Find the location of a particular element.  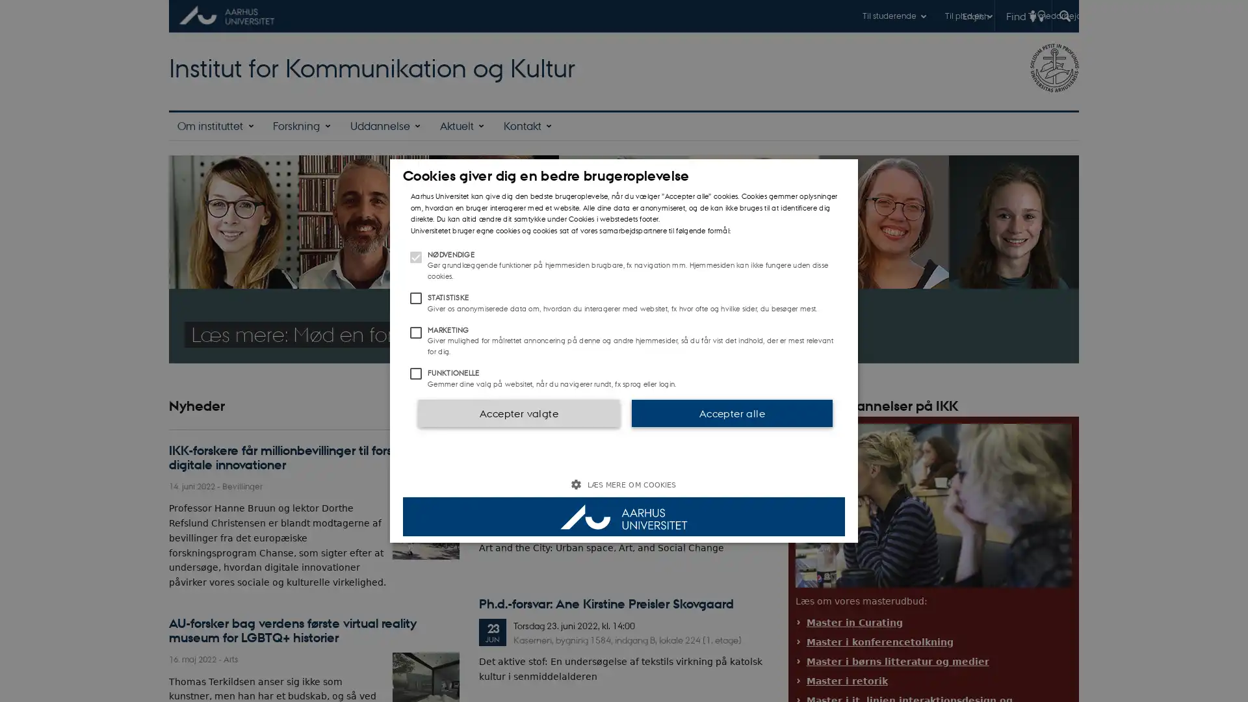

LS MERE OM COOKIES is located at coordinates (624, 484).